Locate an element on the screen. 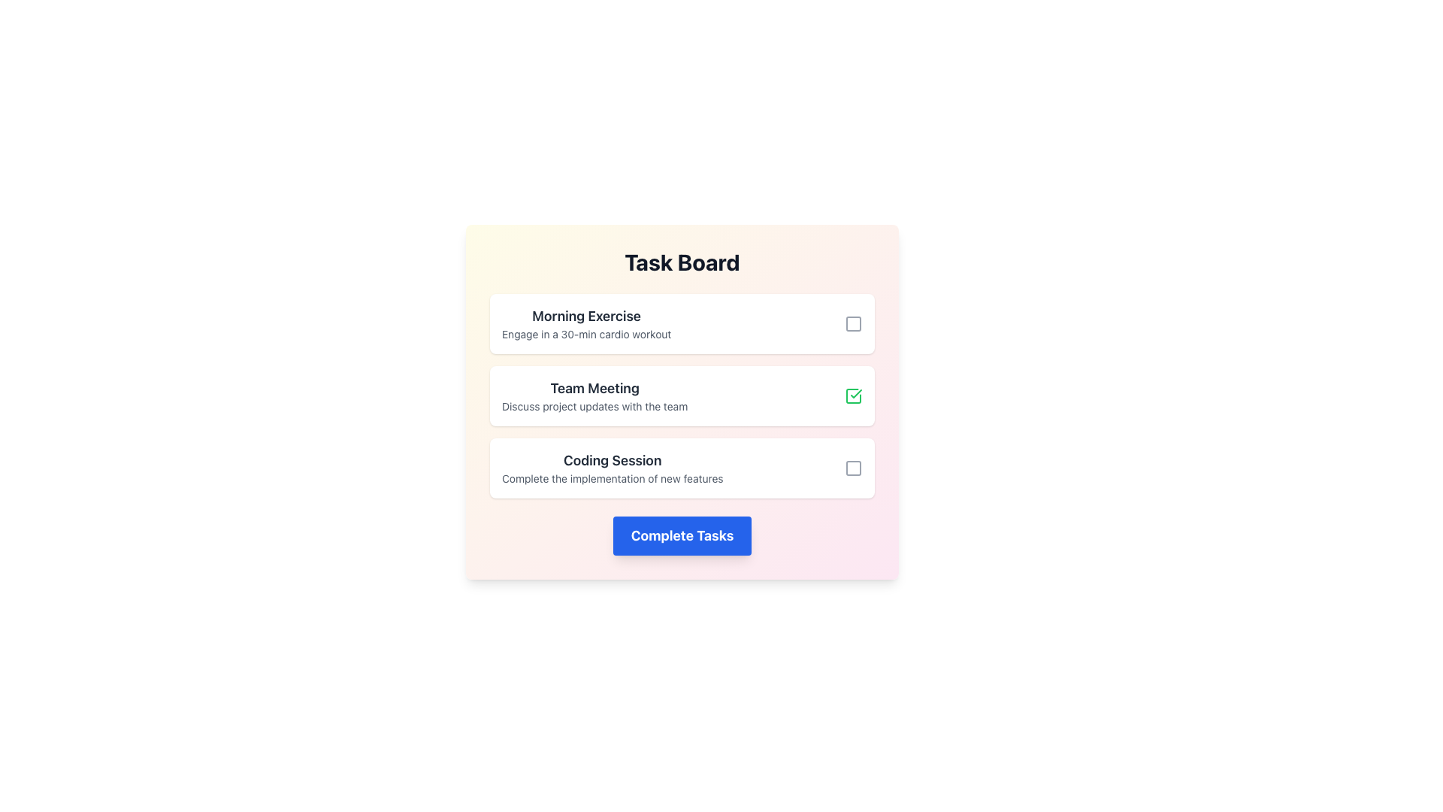 The width and height of the screenshot is (1443, 812). the Text Display element that serves as a label and description for a meeting, located in the second card of a vertical list on the task board layout is located at coordinates (594, 395).